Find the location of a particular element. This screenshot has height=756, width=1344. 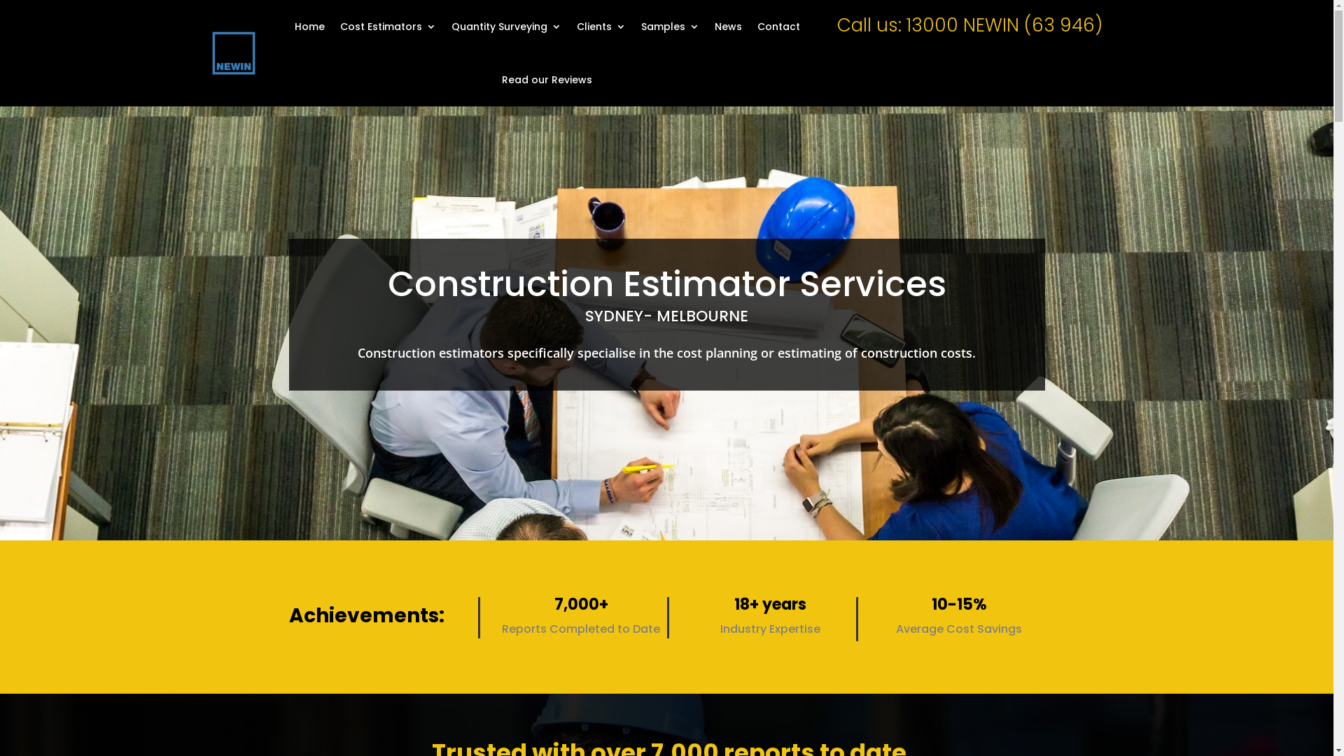

'Call us: 13000 NEWIN (63 946)' is located at coordinates (969, 24).